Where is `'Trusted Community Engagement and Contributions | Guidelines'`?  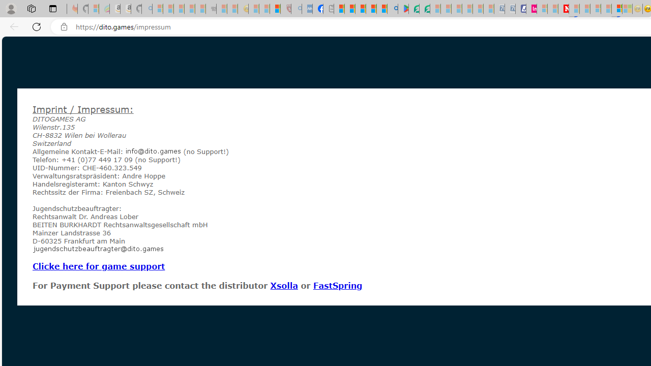
'Trusted Community Engagement and Contributions | Guidelines' is located at coordinates (574, 9).